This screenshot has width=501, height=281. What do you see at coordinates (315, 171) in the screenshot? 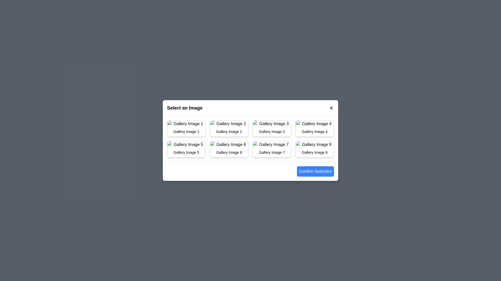
I see `'Confirm Selection' button to confirm the selected image` at bounding box center [315, 171].